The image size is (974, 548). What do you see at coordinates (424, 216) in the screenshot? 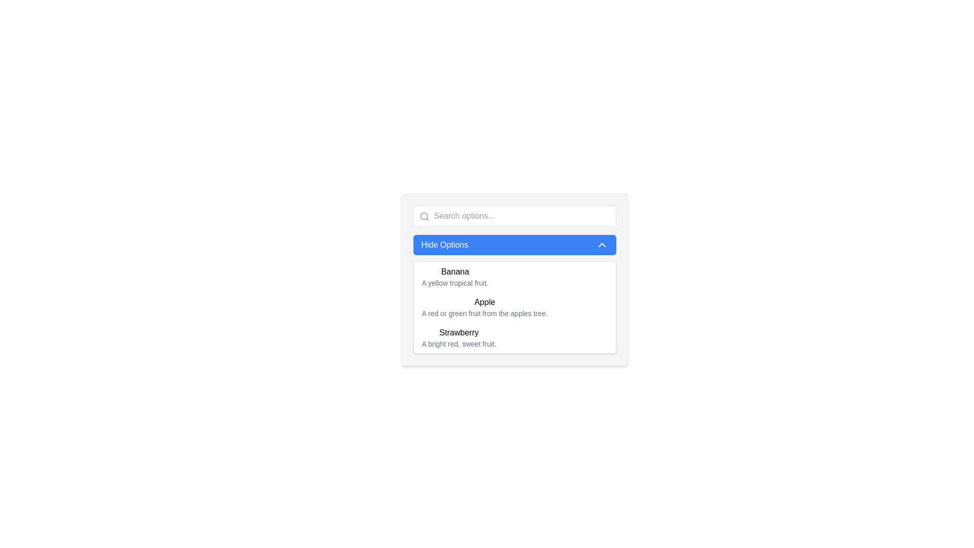
I see `the search icon located at the top-left corner inside the text input field, which serves as a visual indicator for the search functionality` at bounding box center [424, 216].